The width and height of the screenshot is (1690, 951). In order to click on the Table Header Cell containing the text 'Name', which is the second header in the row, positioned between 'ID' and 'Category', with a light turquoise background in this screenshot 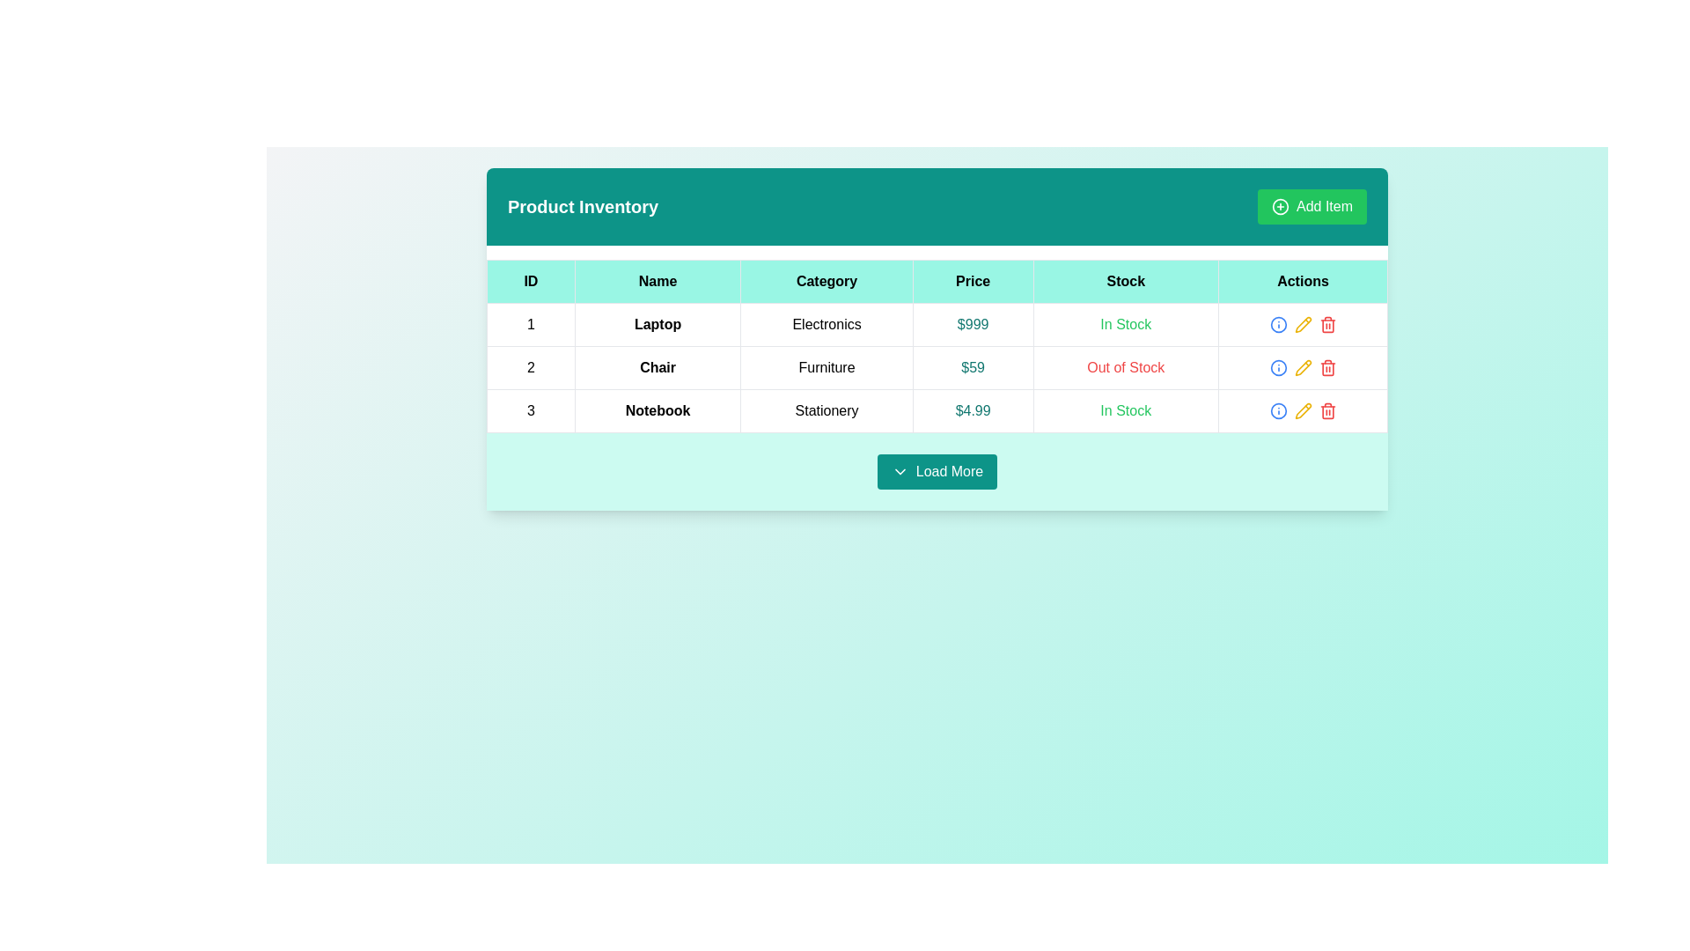, I will do `click(657, 281)`.